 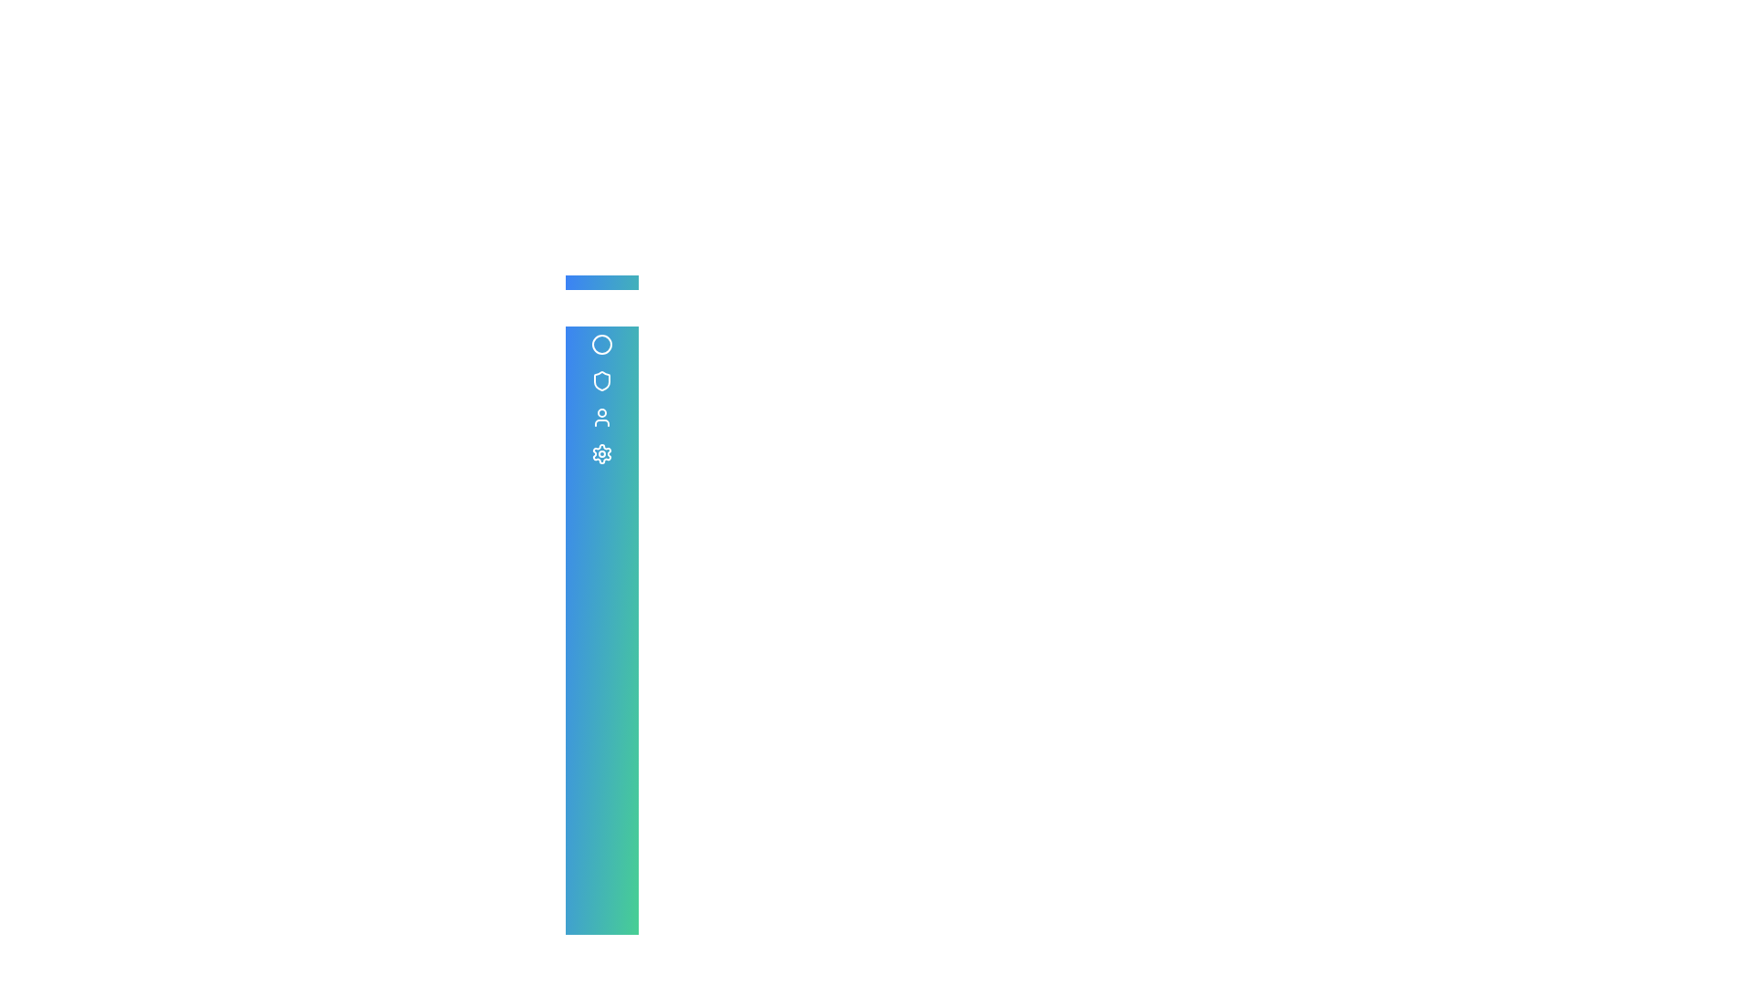 What do you see at coordinates (602, 379) in the screenshot?
I see `the shield icon button located in the vertical navigation bar on the left, which is the third button from the top` at bounding box center [602, 379].